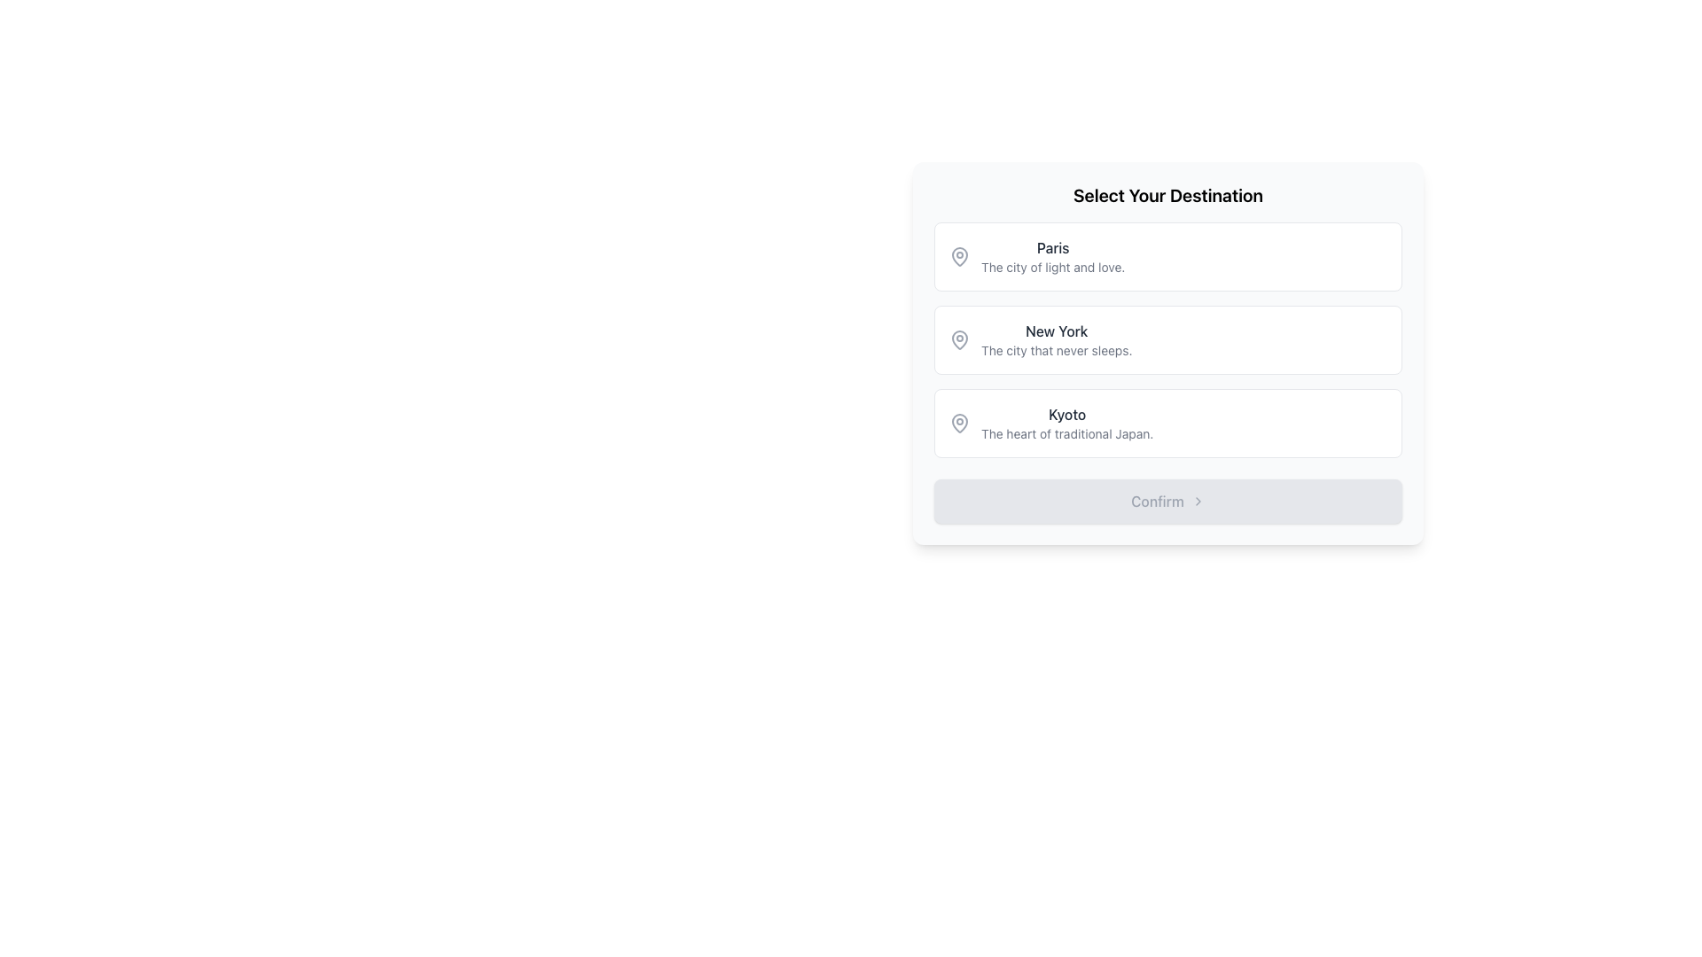 The image size is (1702, 957). What do you see at coordinates (1057, 331) in the screenshot?
I see `the 'New York' text label in the city selection interface, which is the second item in the vertical list, positioned below 'Paris' and above 'Kyoto'` at bounding box center [1057, 331].